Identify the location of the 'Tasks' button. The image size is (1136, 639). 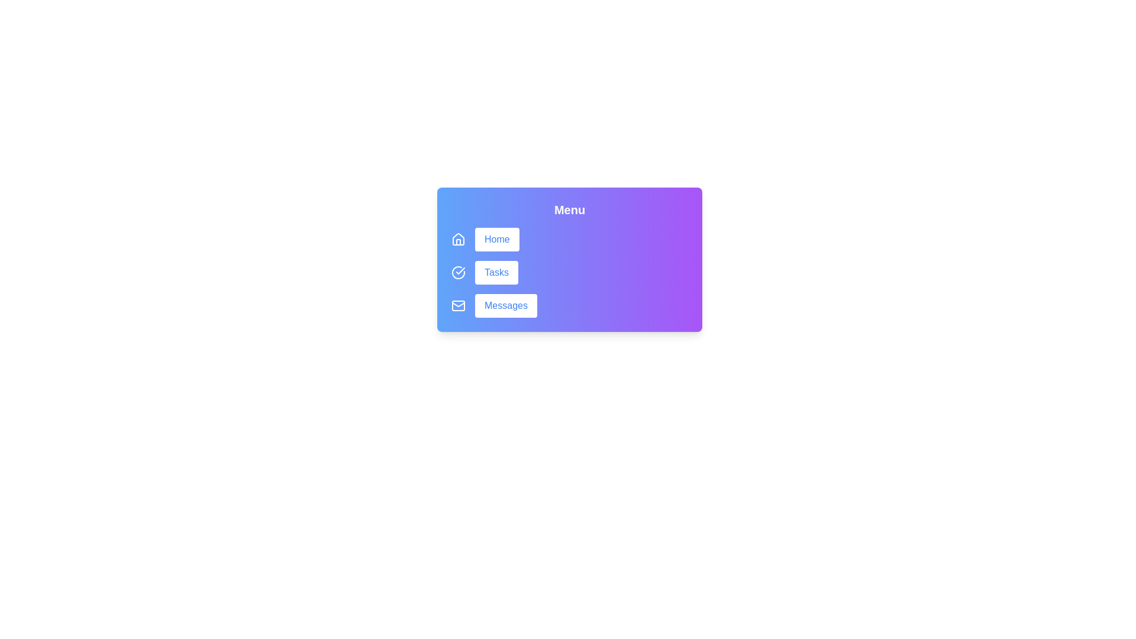
(496, 273).